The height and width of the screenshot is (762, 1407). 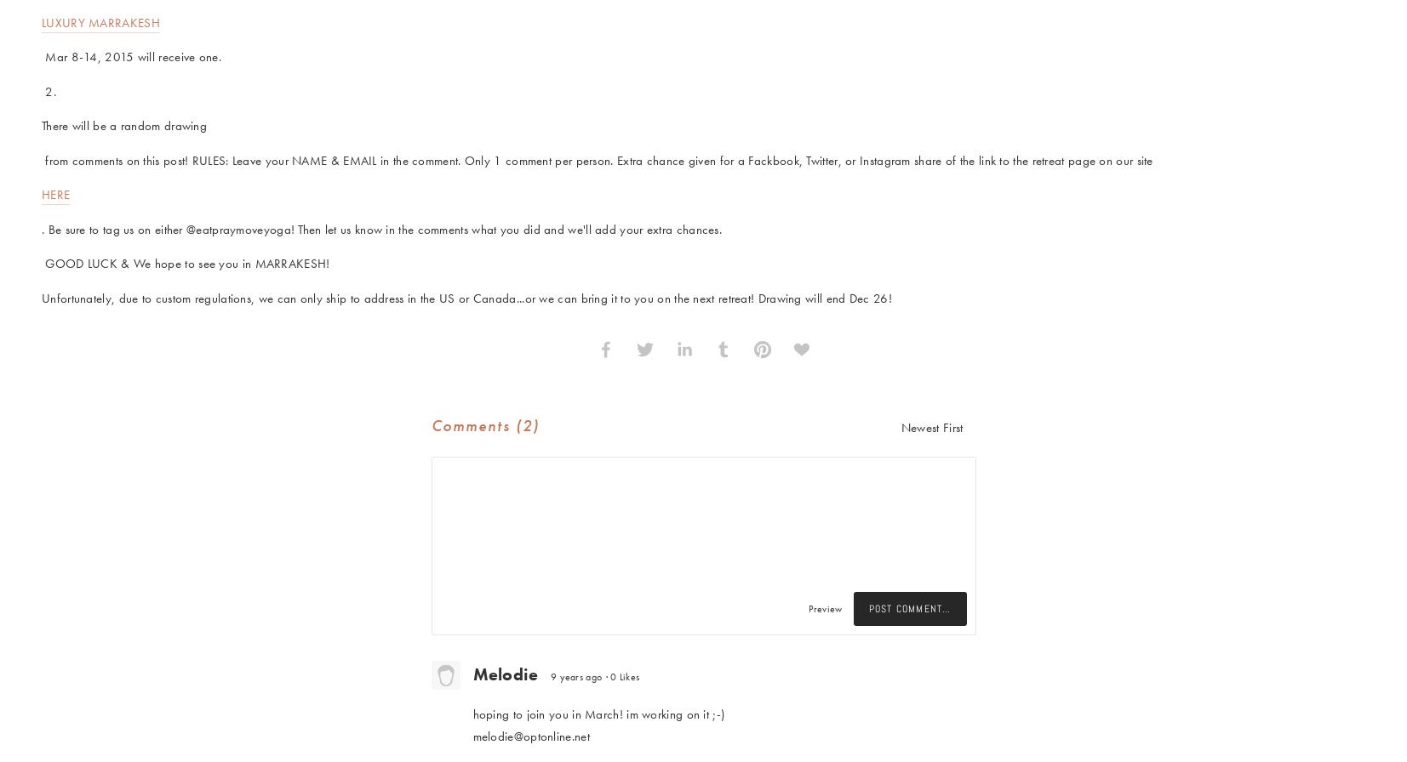 I want to click on 'Unfortunately, due to custom regulations, we can only ship to address in the US or Canada...or we can bring it to you on the next retreat! Drawing will end Dec 26!', so click(x=465, y=297).